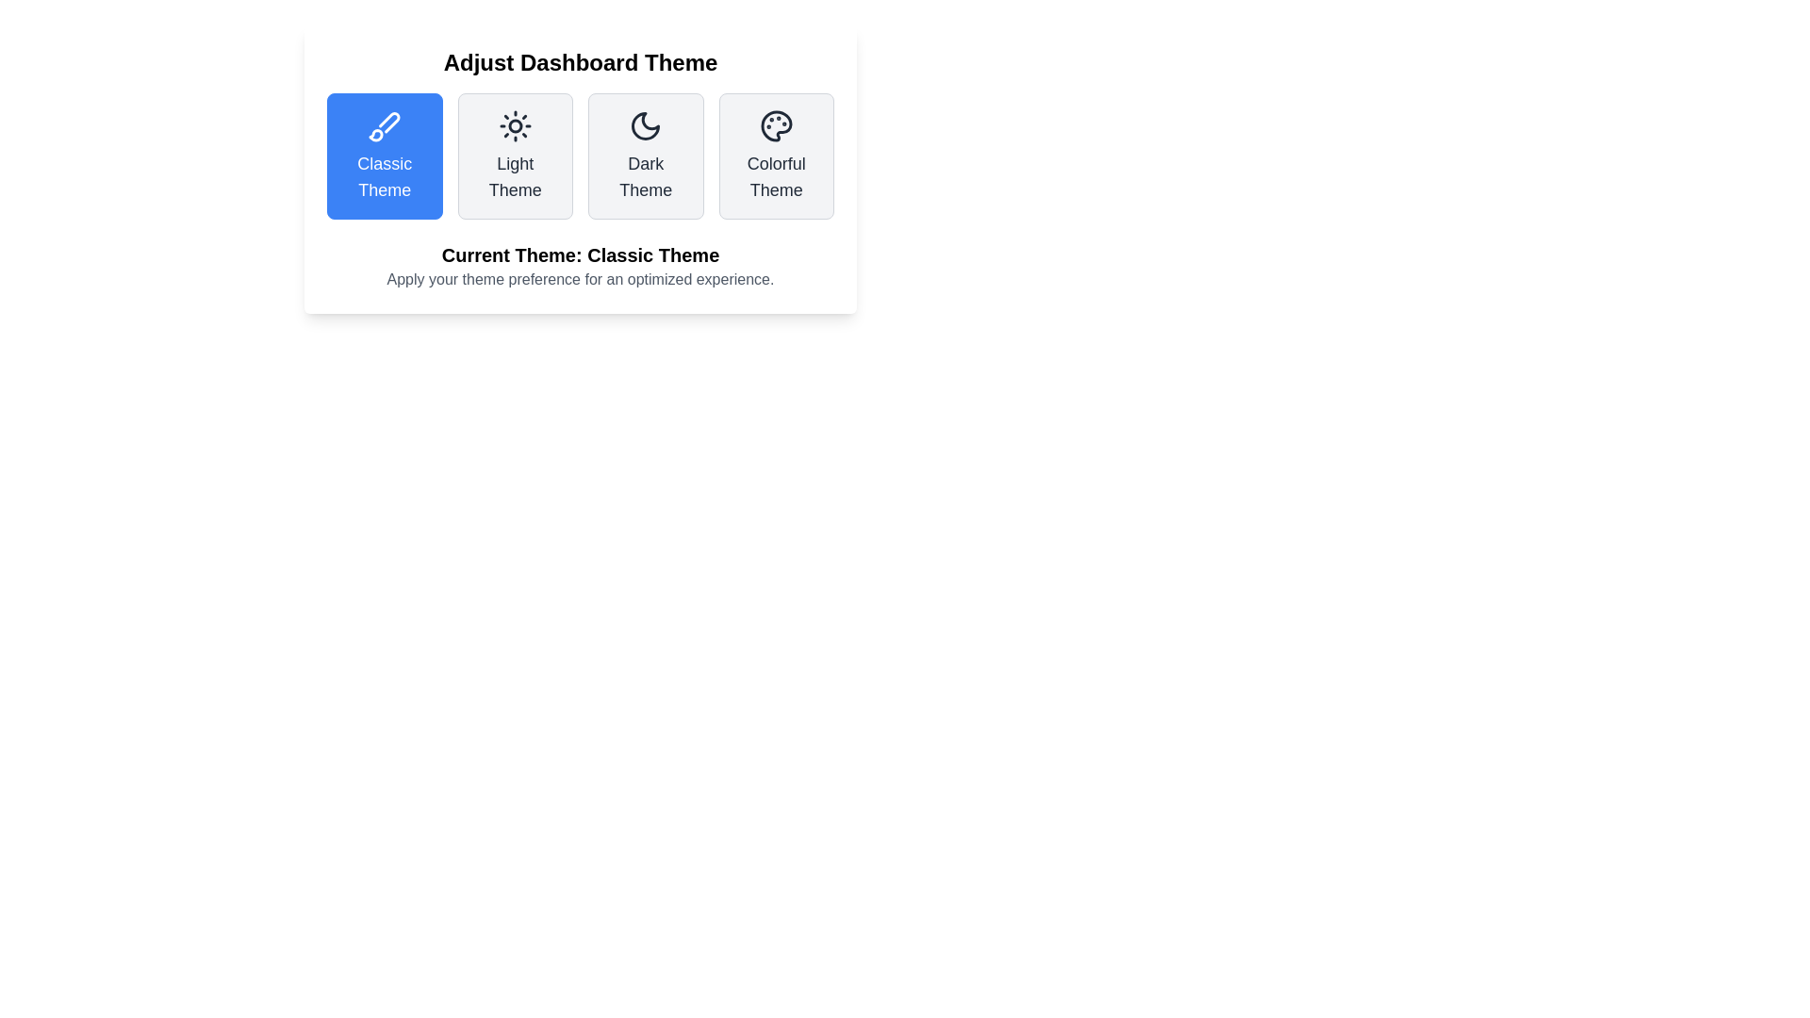  Describe the element at coordinates (515, 126) in the screenshot. I see `the central circle of the 'Light Theme' button icon, which is the second from the left in the top row of theme selection options` at that location.